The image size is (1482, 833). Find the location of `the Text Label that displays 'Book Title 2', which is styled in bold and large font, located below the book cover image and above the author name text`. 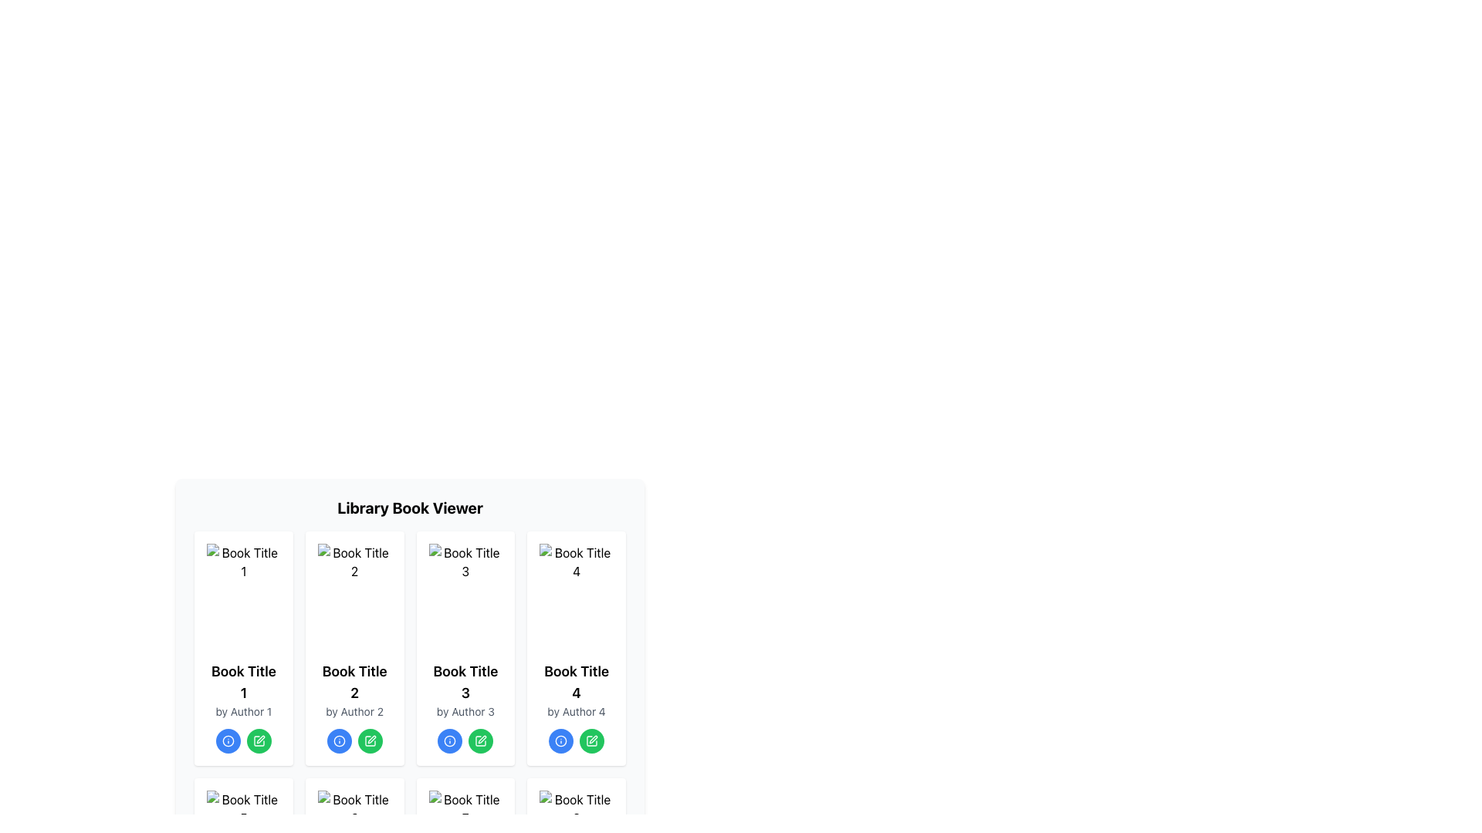

the Text Label that displays 'Book Title 2', which is styled in bold and large font, located below the book cover image and above the author name text is located at coordinates (354, 681).